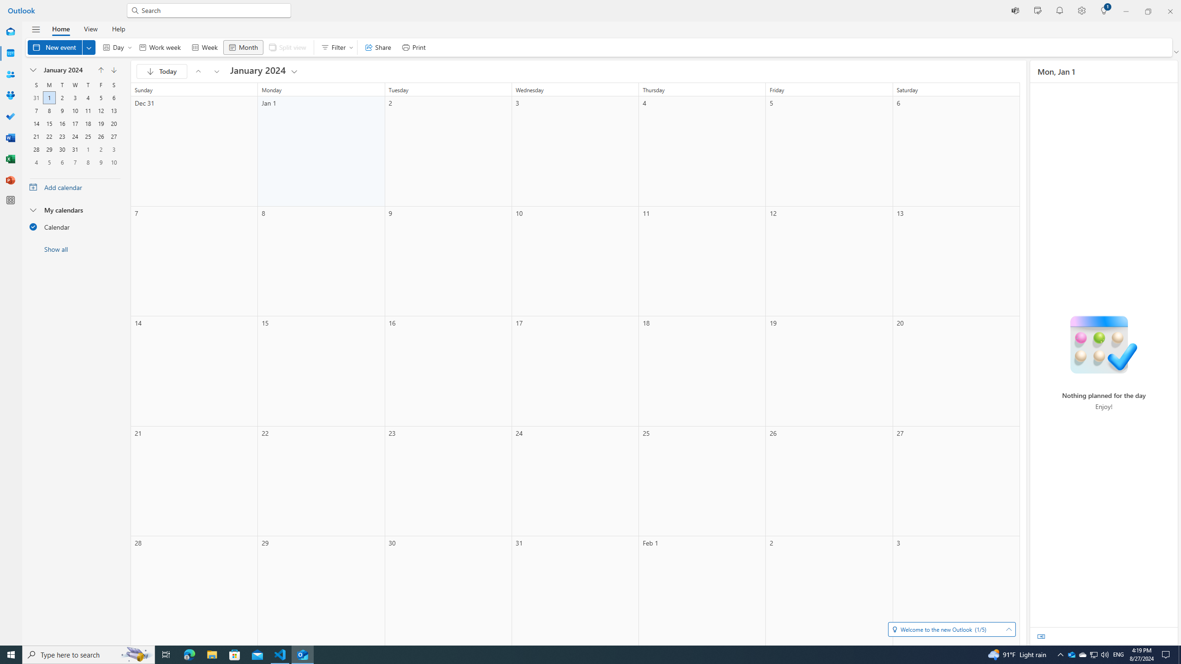  I want to click on 'To Do', so click(11, 116).